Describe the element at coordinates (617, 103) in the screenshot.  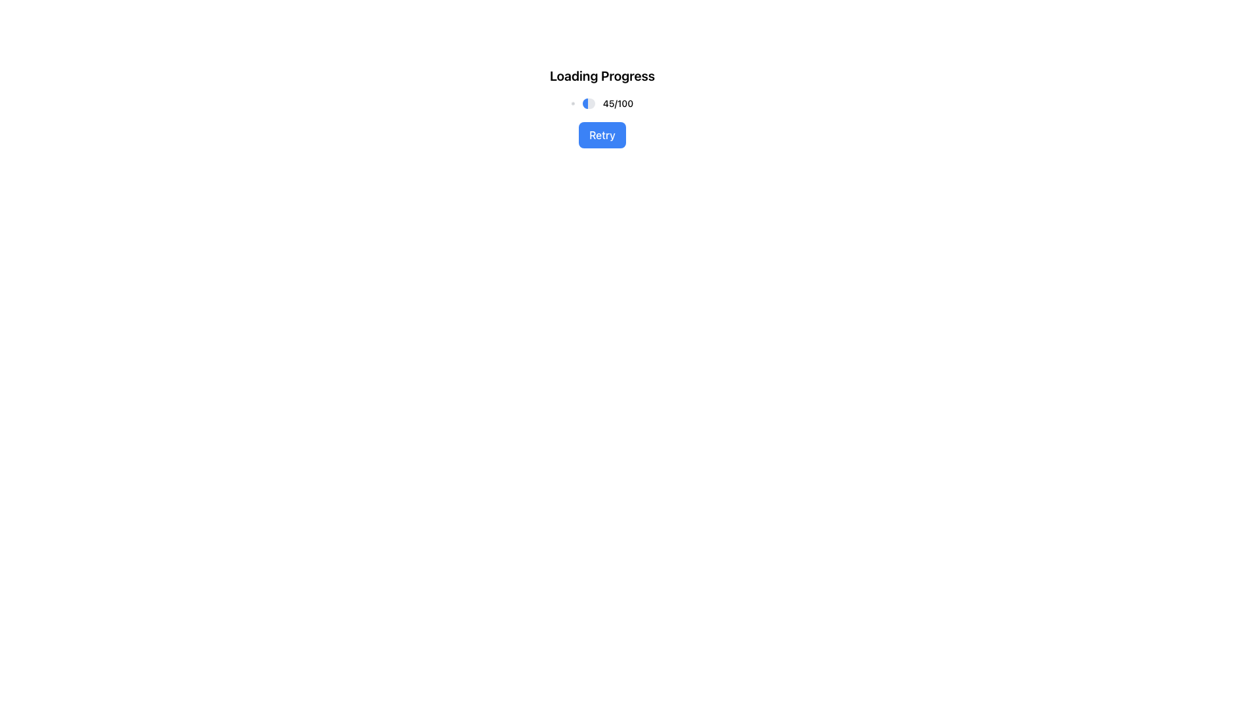
I see `the text label displaying '45/100', which is positioned to the right of a progress bar and a spinner icon, centered vertically with these elements` at that location.